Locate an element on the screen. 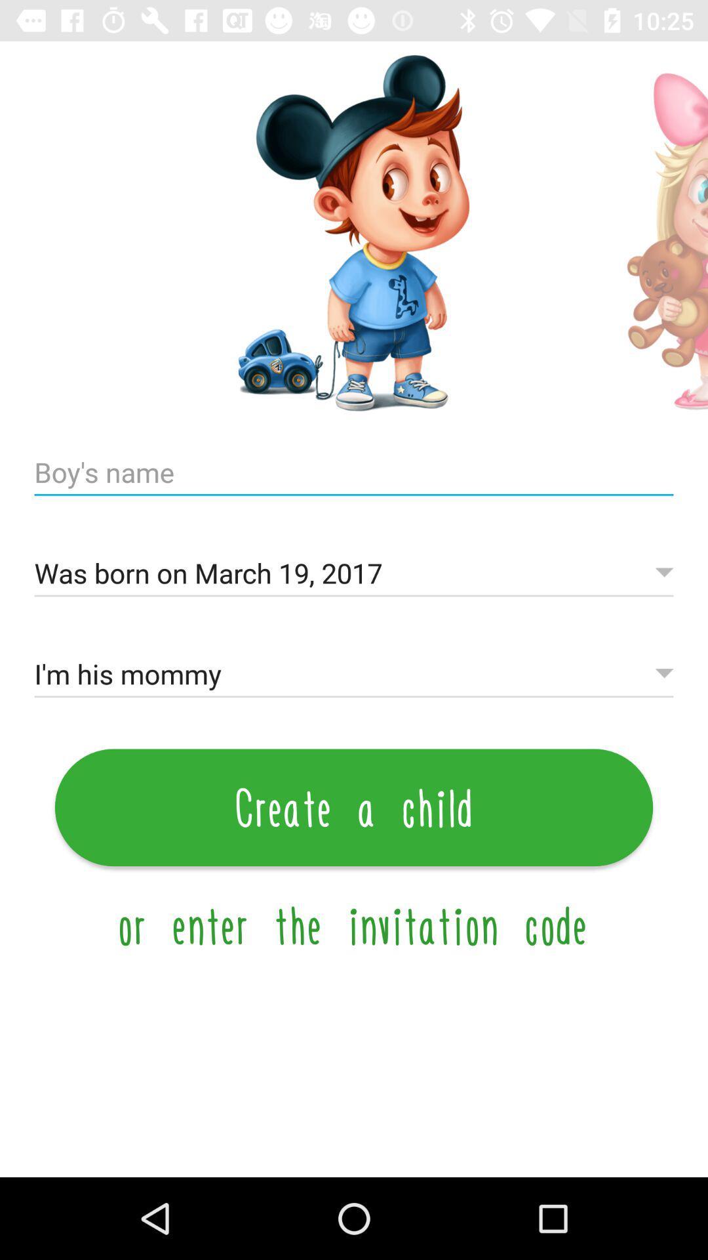 This screenshot has height=1260, width=708. item above the or enter the item is located at coordinates (354, 807).